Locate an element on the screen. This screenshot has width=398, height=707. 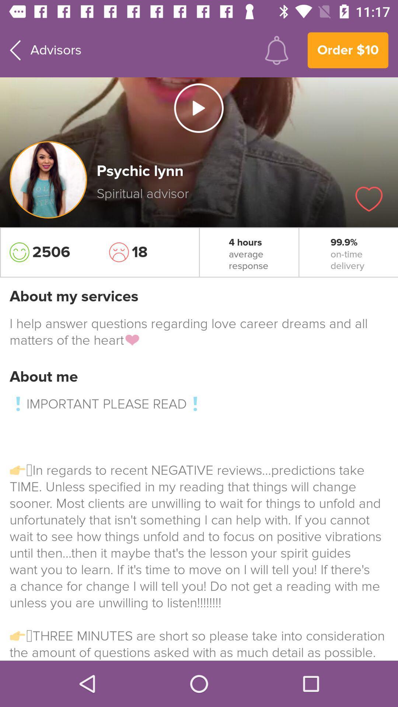
heart the persons page is located at coordinates (369, 199).